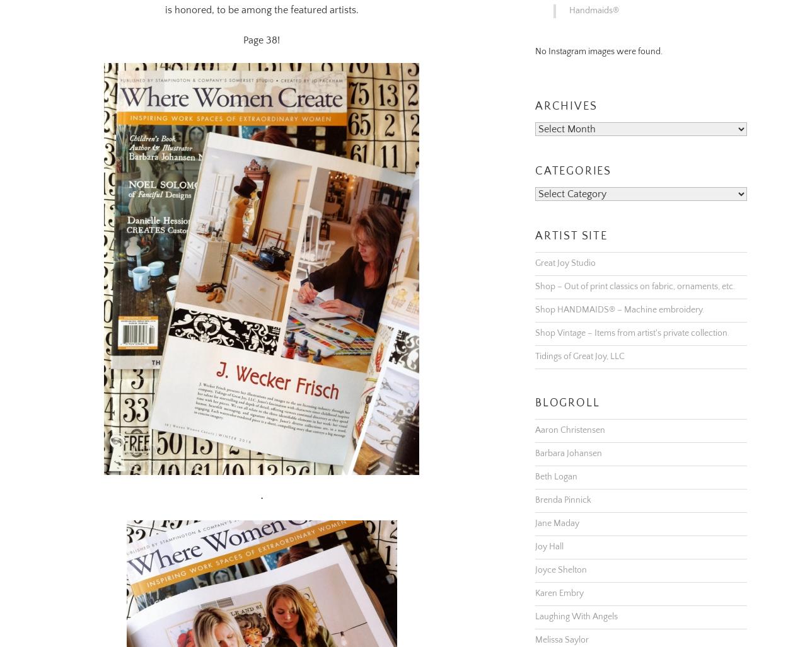 The height and width of the screenshot is (647, 788). Describe the element at coordinates (619, 294) in the screenshot. I see `'Shop HANDMAIDS® – Machine embroidery.'` at that location.